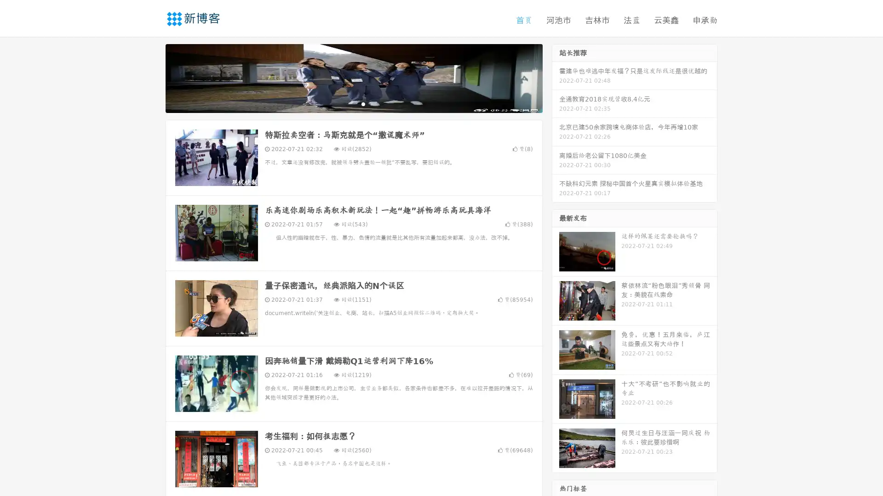  Describe the element at coordinates (556, 77) in the screenshot. I see `Next slide` at that location.